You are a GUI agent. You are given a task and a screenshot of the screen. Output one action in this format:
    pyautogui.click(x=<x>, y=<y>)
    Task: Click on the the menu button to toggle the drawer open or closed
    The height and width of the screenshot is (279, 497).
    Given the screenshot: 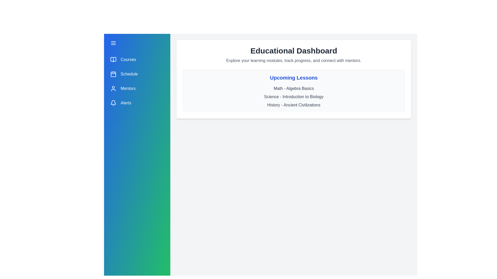 What is the action you would take?
    pyautogui.click(x=113, y=43)
    